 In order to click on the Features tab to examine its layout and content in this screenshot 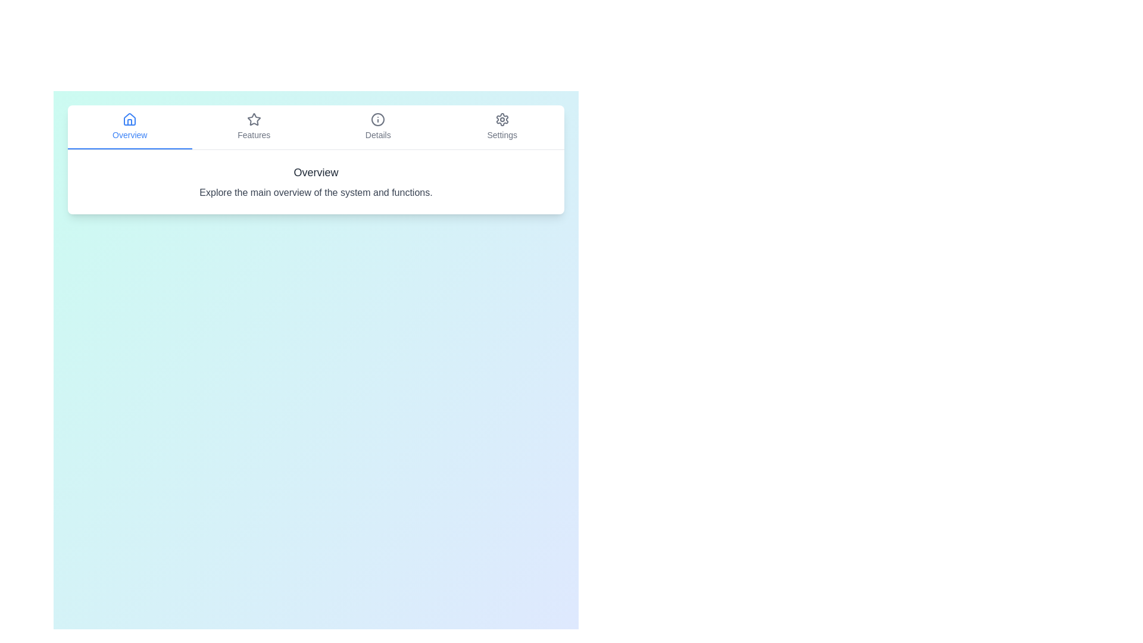, I will do `click(253, 127)`.